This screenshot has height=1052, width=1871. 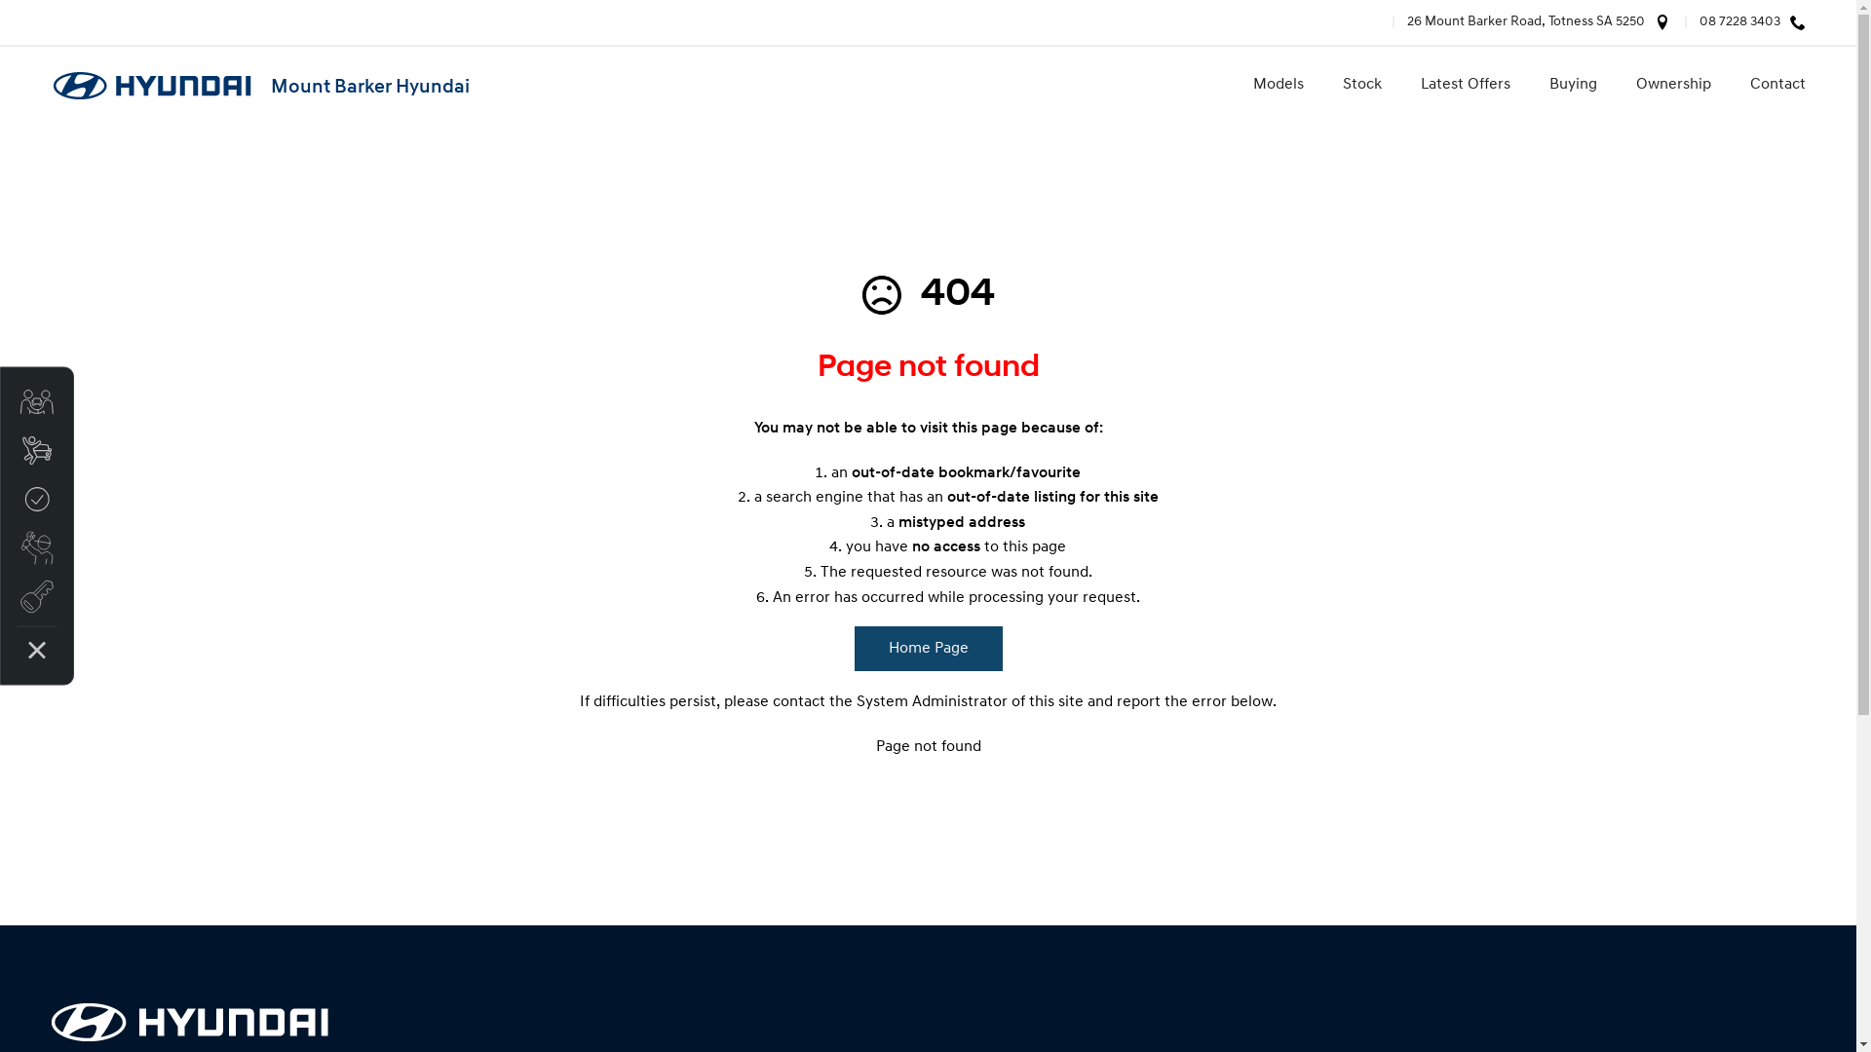 I want to click on 'Models', so click(x=1233, y=85).